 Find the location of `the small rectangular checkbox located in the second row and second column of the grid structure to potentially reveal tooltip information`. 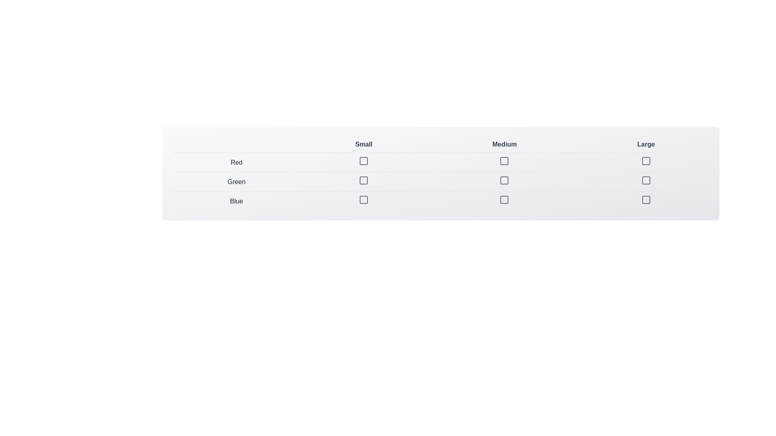

the small rectangular checkbox located in the second row and second column of the grid structure to potentially reveal tooltip information is located at coordinates (363, 182).